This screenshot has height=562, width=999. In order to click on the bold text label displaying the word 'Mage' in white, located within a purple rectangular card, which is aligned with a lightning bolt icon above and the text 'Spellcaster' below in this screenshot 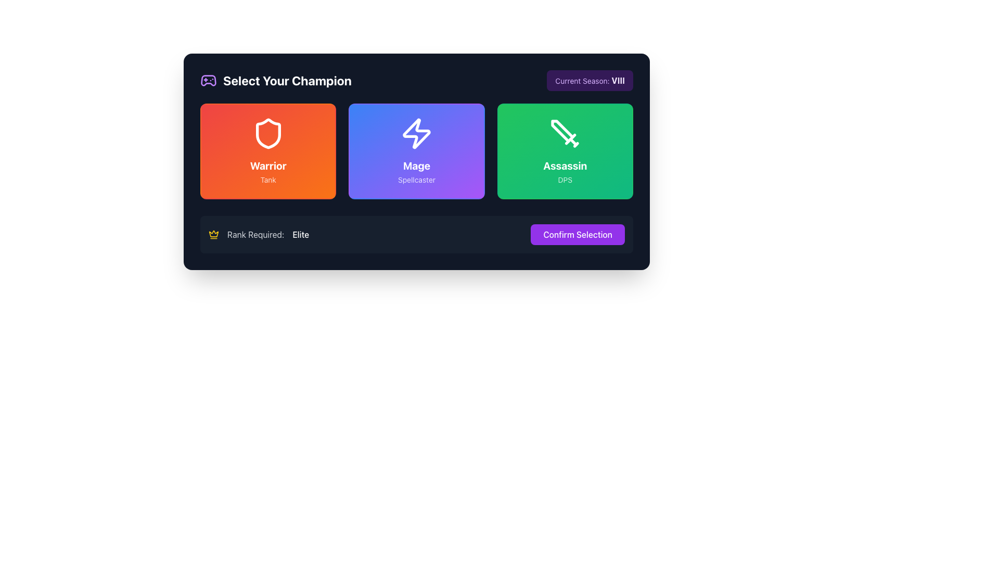, I will do `click(417, 165)`.